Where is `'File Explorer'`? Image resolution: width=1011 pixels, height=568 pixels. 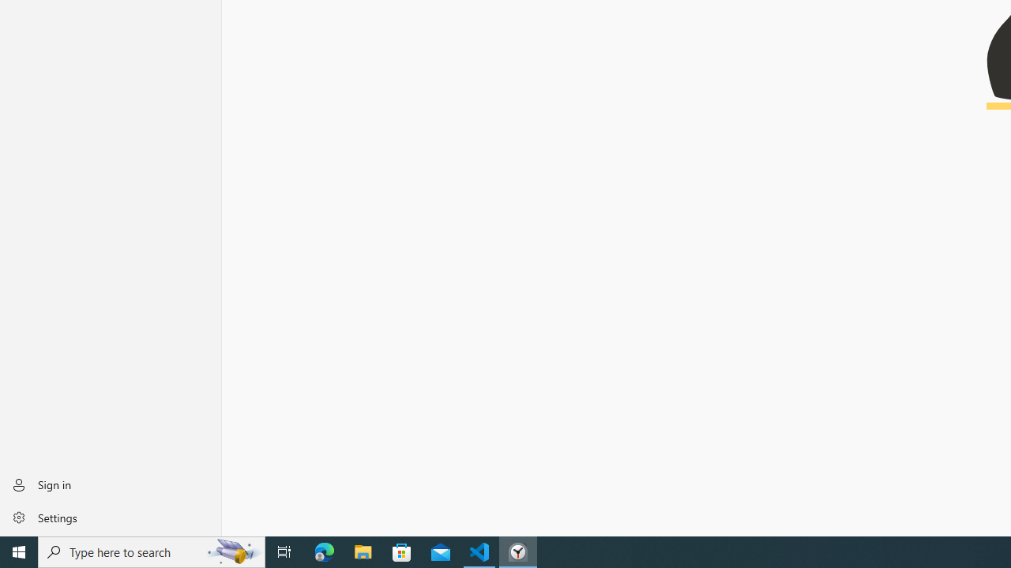 'File Explorer' is located at coordinates (363, 551).